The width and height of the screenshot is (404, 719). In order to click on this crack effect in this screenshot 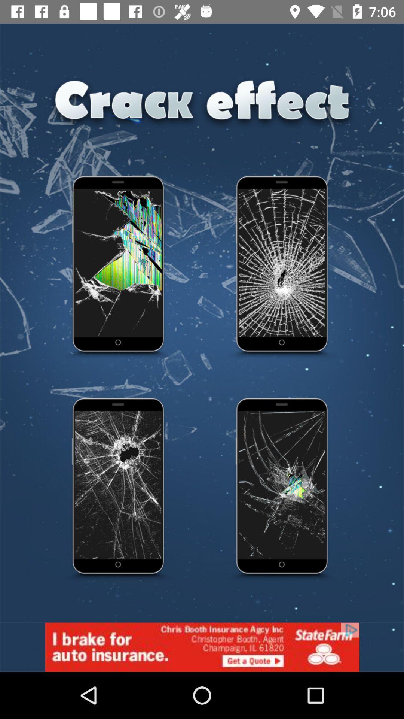, I will do `click(118, 490)`.